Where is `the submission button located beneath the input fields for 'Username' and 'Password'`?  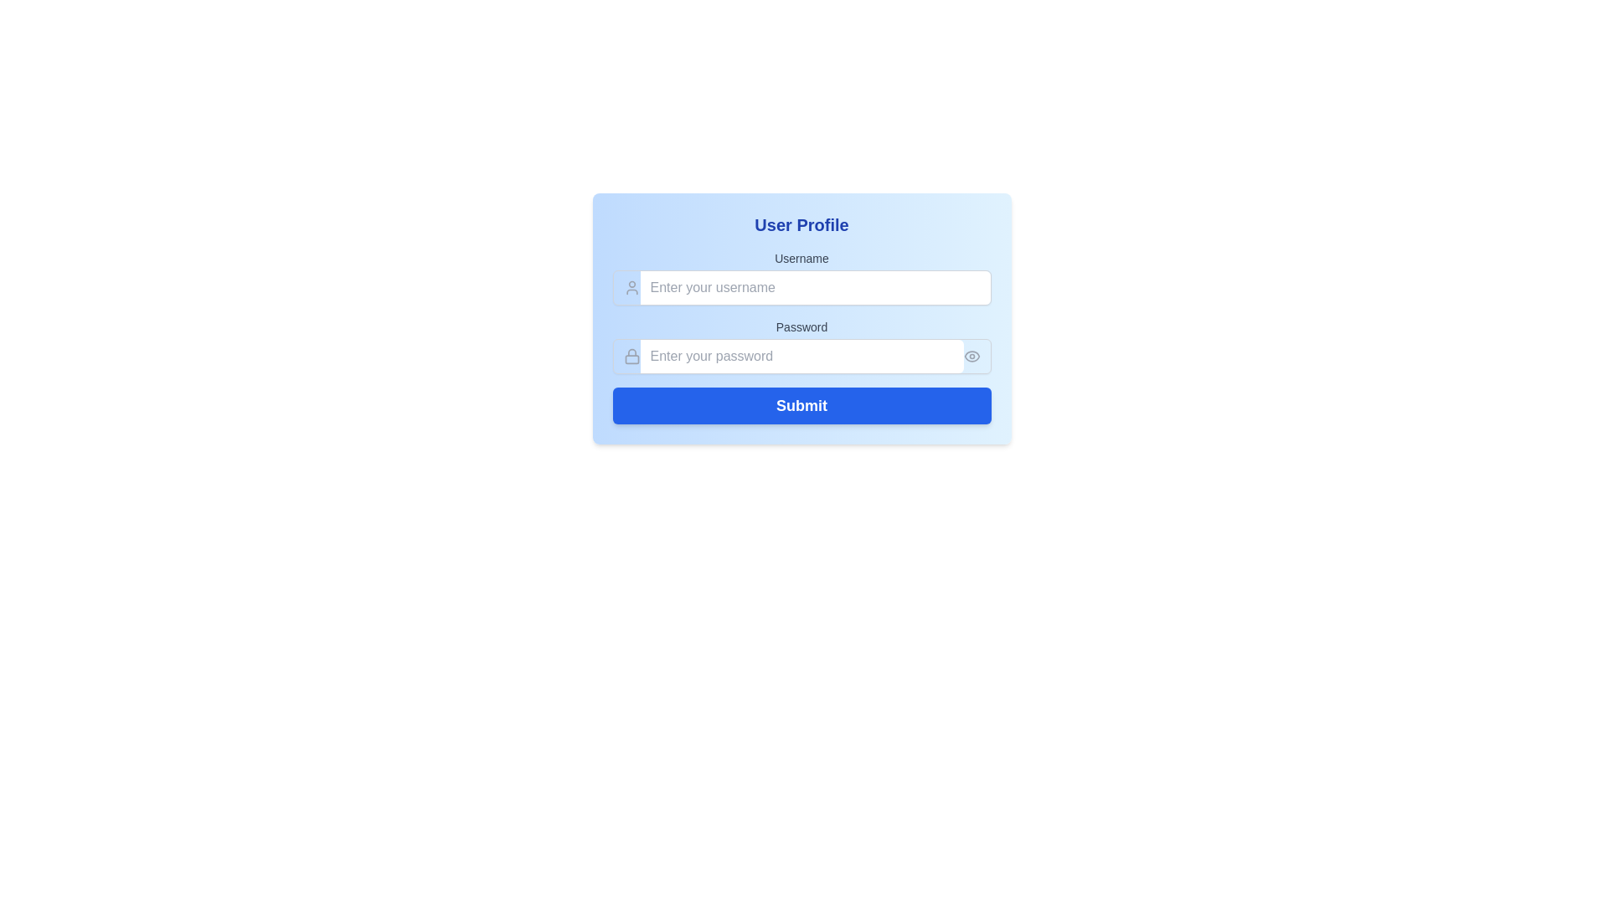 the submission button located beneath the input fields for 'Username' and 'Password' is located at coordinates (801, 406).